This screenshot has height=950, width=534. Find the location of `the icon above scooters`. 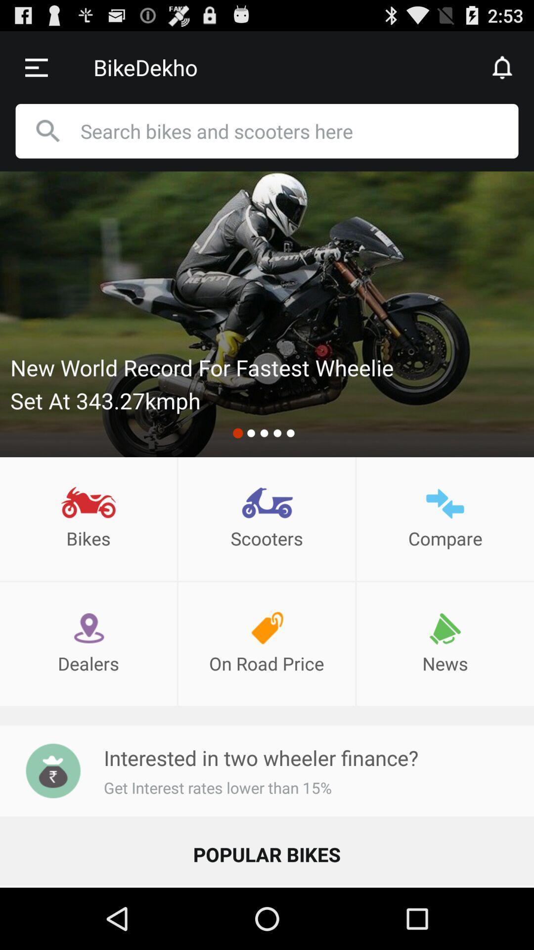

the icon above scooters is located at coordinates (267, 503).